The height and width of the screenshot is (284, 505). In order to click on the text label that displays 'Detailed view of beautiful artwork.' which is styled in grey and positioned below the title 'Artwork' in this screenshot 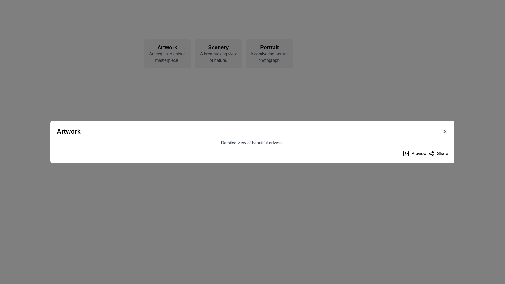, I will do `click(252, 143)`.